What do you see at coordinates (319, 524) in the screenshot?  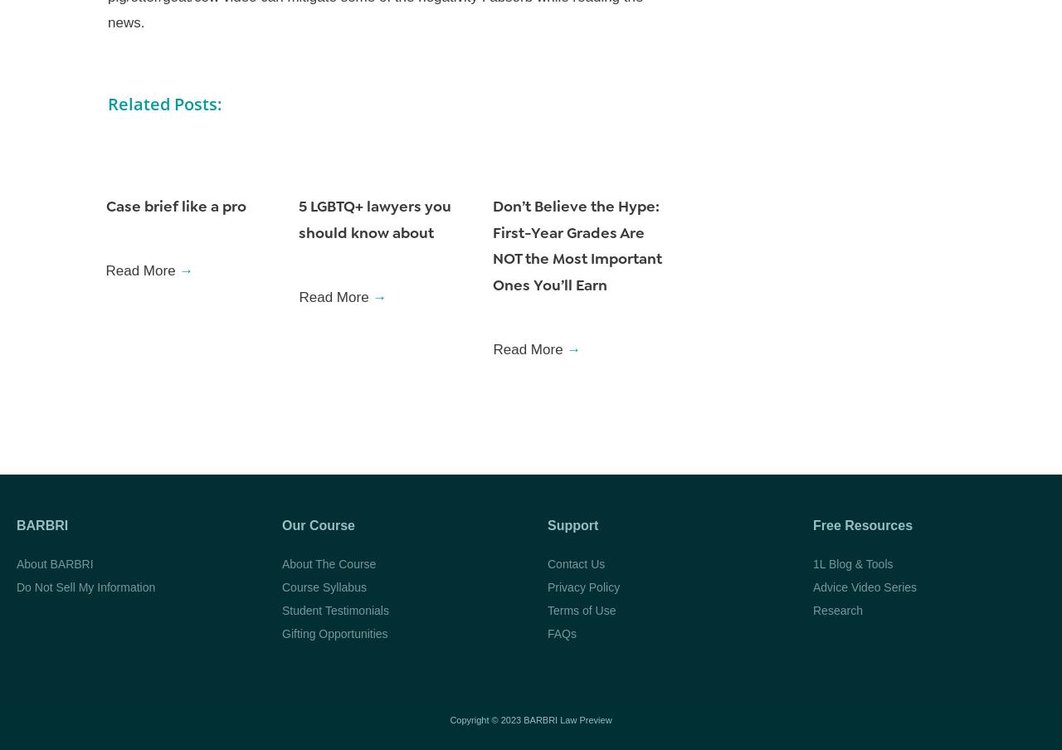 I see `'Our Course'` at bounding box center [319, 524].